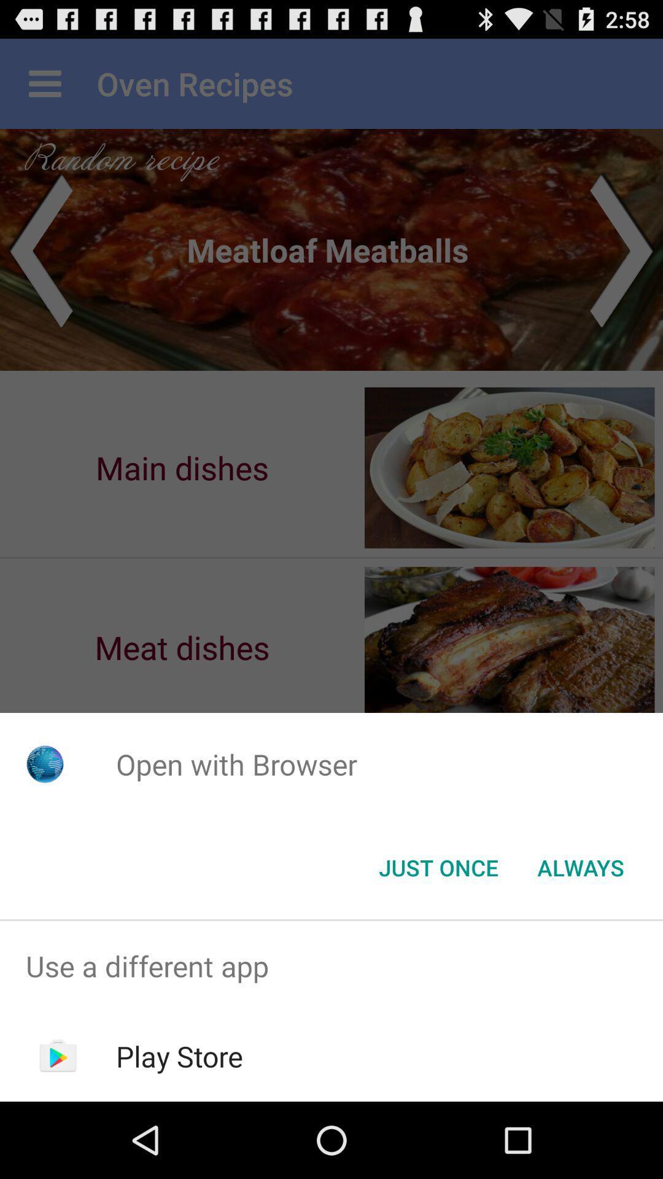 This screenshot has height=1179, width=663. What do you see at coordinates (331, 965) in the screenshot?
I see `the use a different icon` at bounding box center [331, 965].